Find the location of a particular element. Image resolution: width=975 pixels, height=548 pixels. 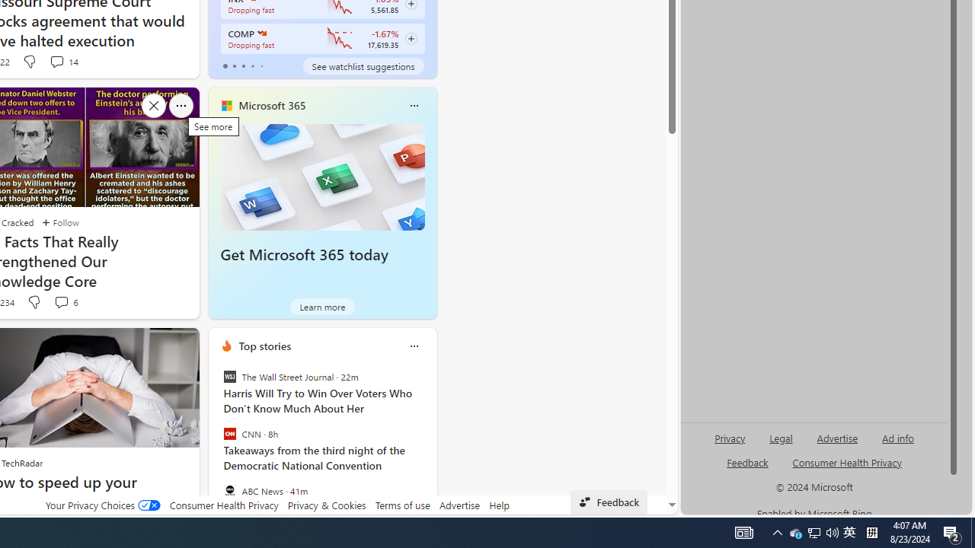

'tab-2' is located at coordinates (244, 65).